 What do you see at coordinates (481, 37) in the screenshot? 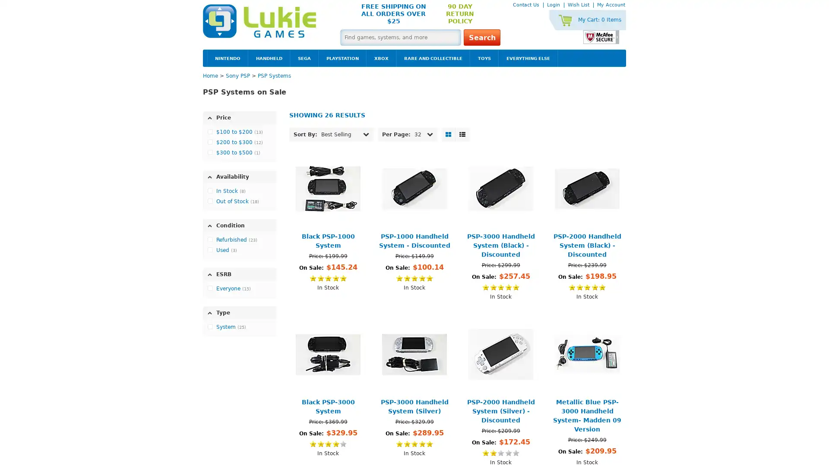
I see `Search` at bounding box center [481, 37].